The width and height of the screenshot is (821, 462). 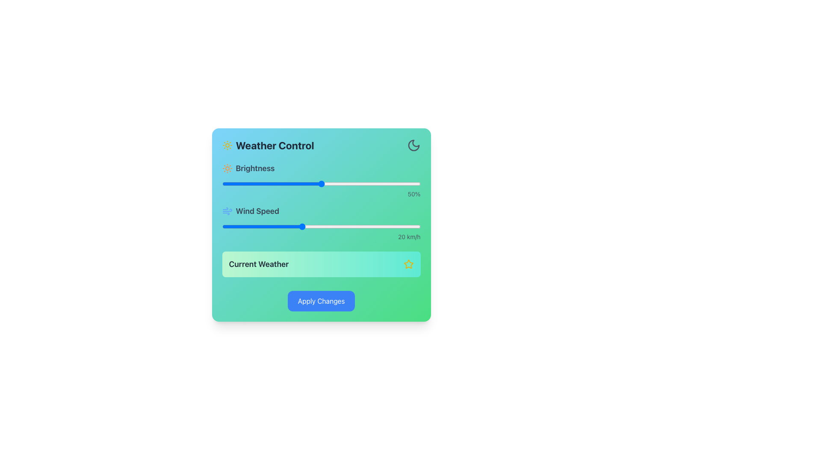 I want to click on brightness level, so click(x=313, y=183).